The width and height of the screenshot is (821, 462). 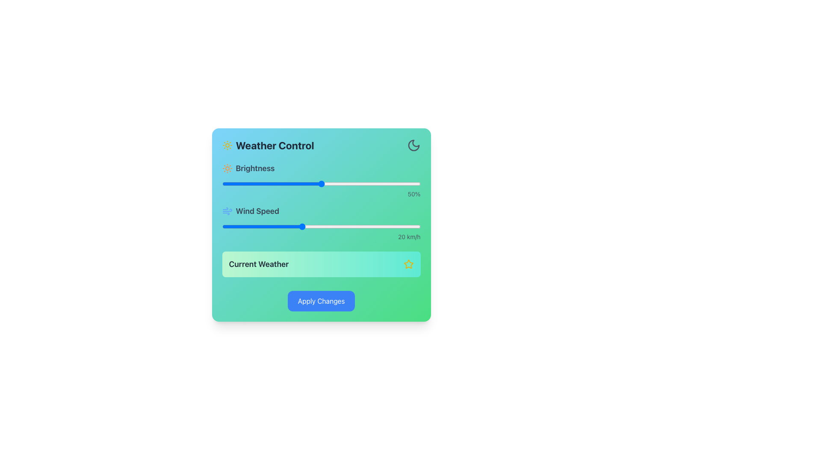 I want to click on brightness level, so click(x=313, y=183).